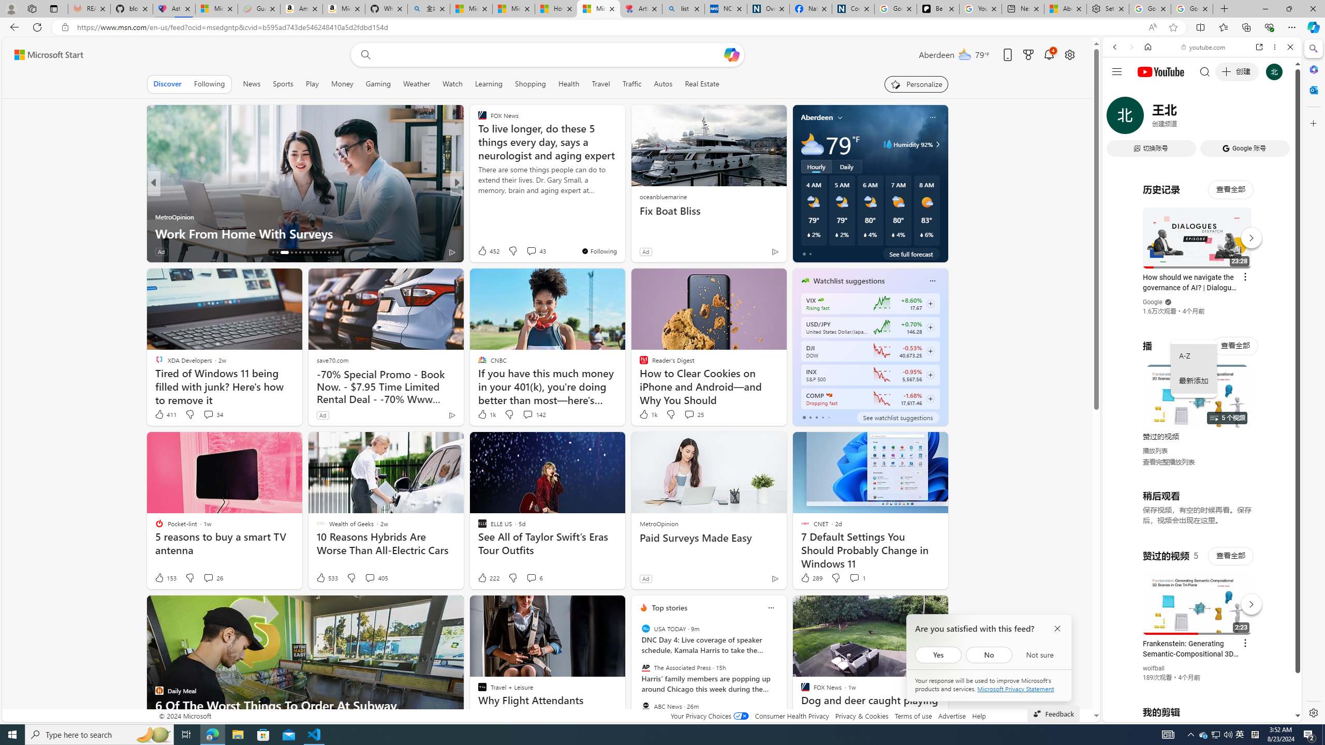  I want to click on 'INSIDER', so click(477, 200).